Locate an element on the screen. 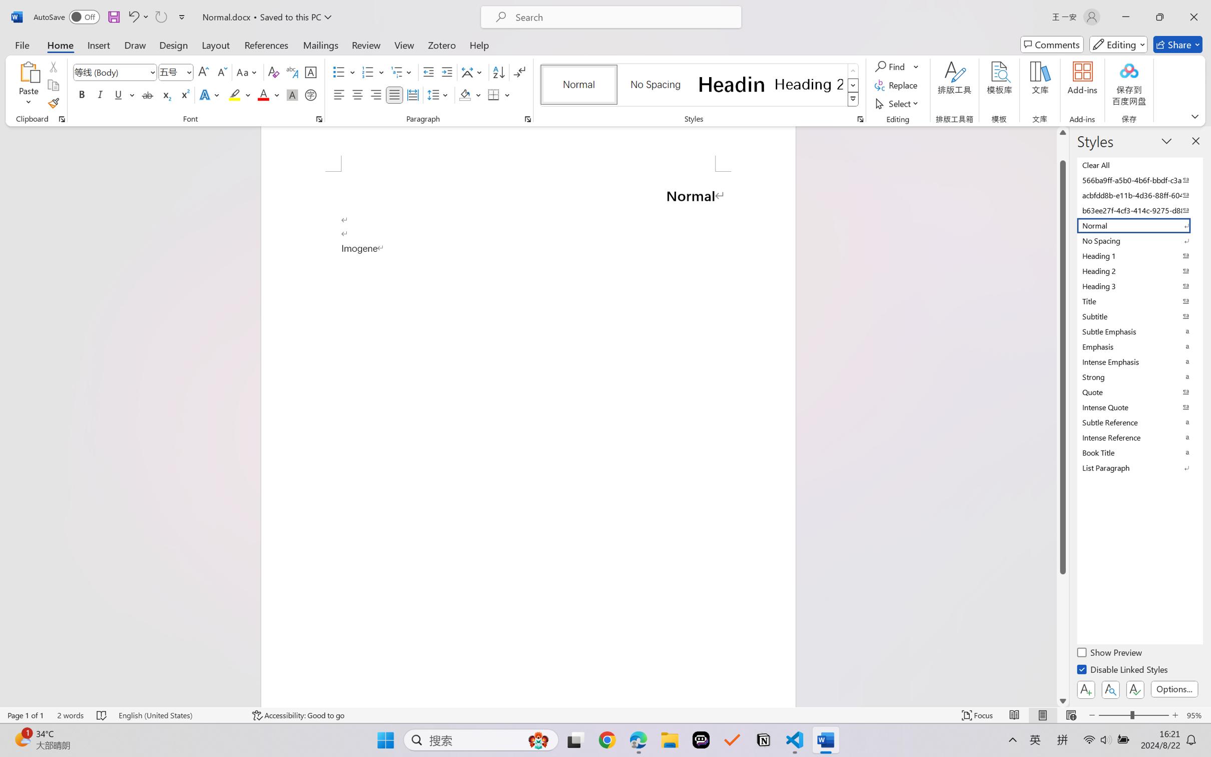  'Page up' is located at coordinates (1062, 149).